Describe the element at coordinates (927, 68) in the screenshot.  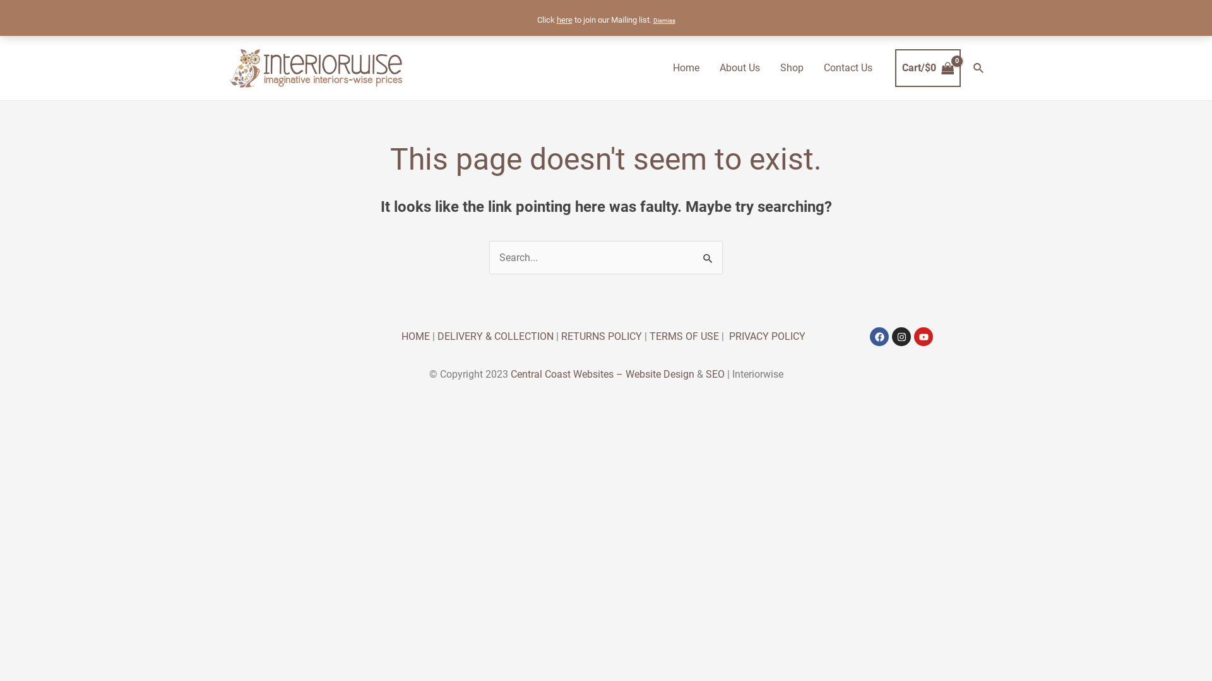
I see `'Cart/$0'` at that location.